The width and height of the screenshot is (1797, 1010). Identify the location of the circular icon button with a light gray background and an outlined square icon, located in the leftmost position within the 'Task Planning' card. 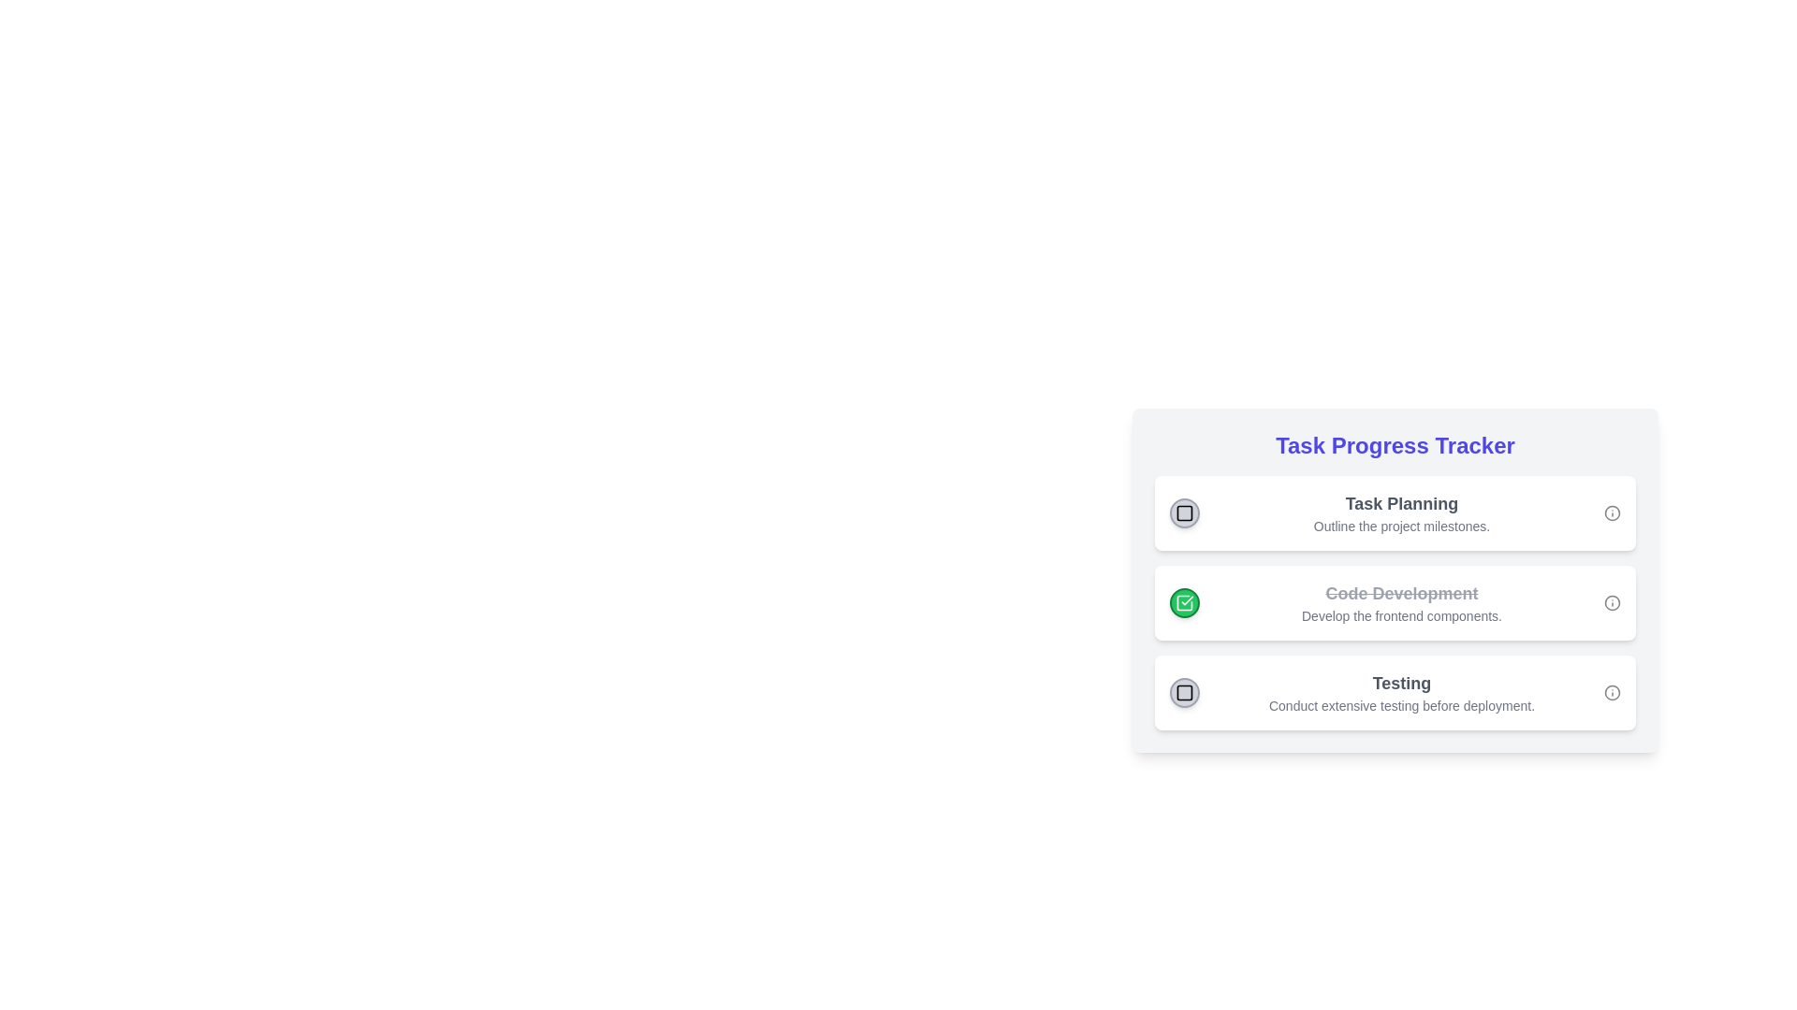
(1184, 512).